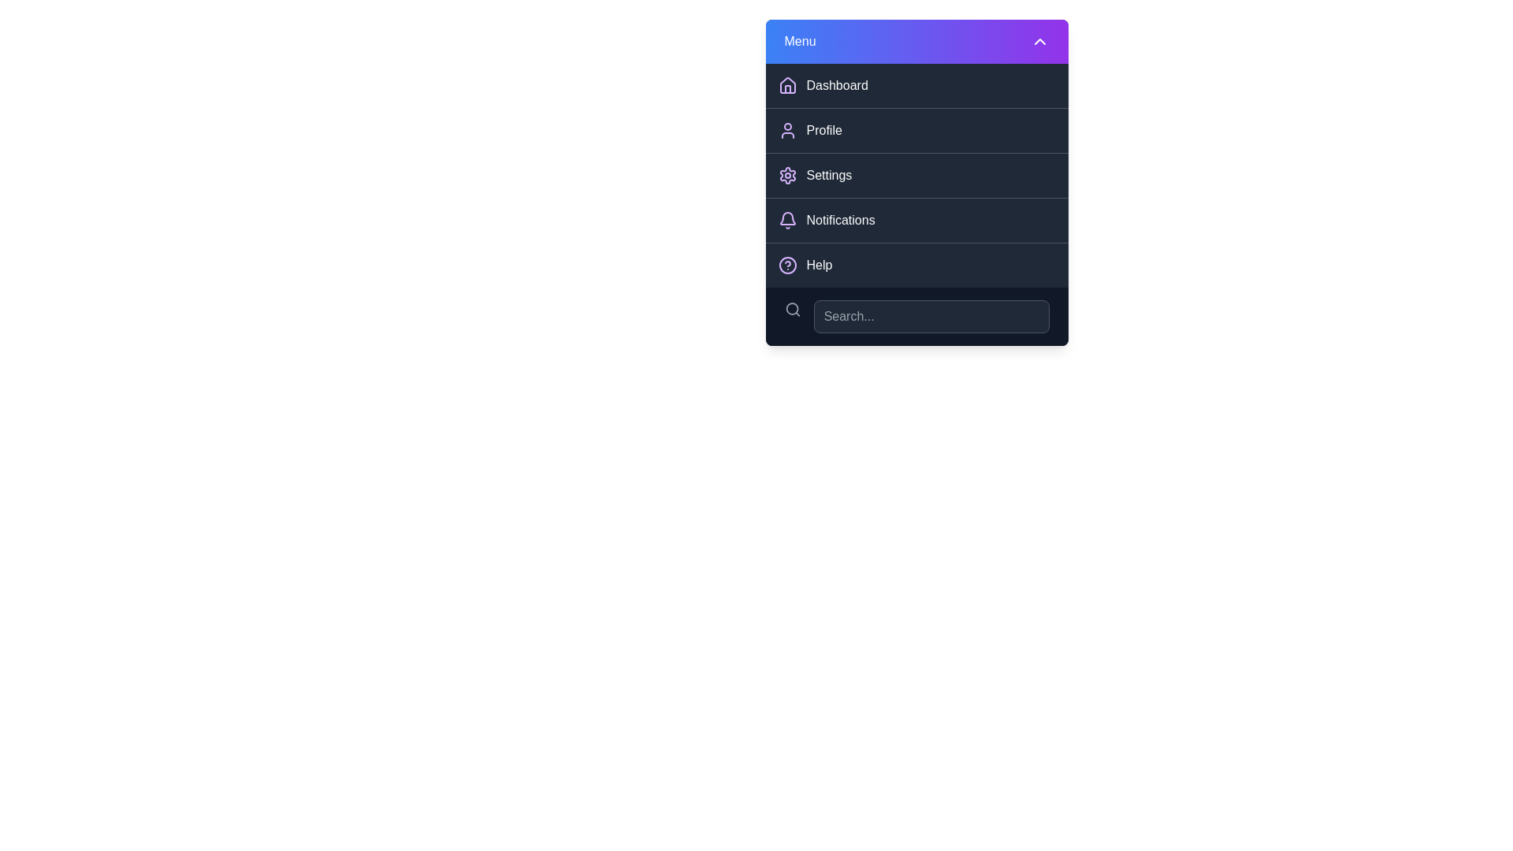  What do you see at coordinates (787, 176) in the screenshot?
I see `the 'Settings' icon in the vertical navigation menu for interaction` at bounding box center [787, 176].